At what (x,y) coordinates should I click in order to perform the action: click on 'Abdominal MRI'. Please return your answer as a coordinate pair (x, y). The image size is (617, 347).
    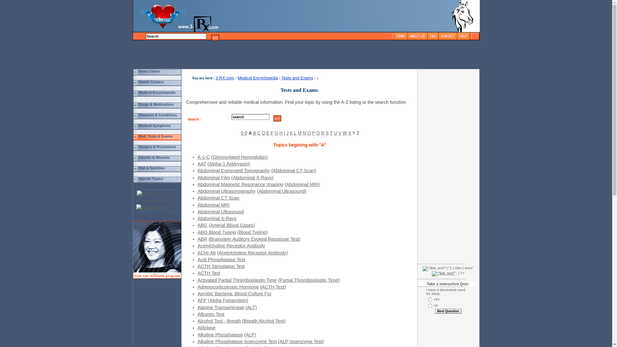
    Looking at the image, I should click on (213, 205).